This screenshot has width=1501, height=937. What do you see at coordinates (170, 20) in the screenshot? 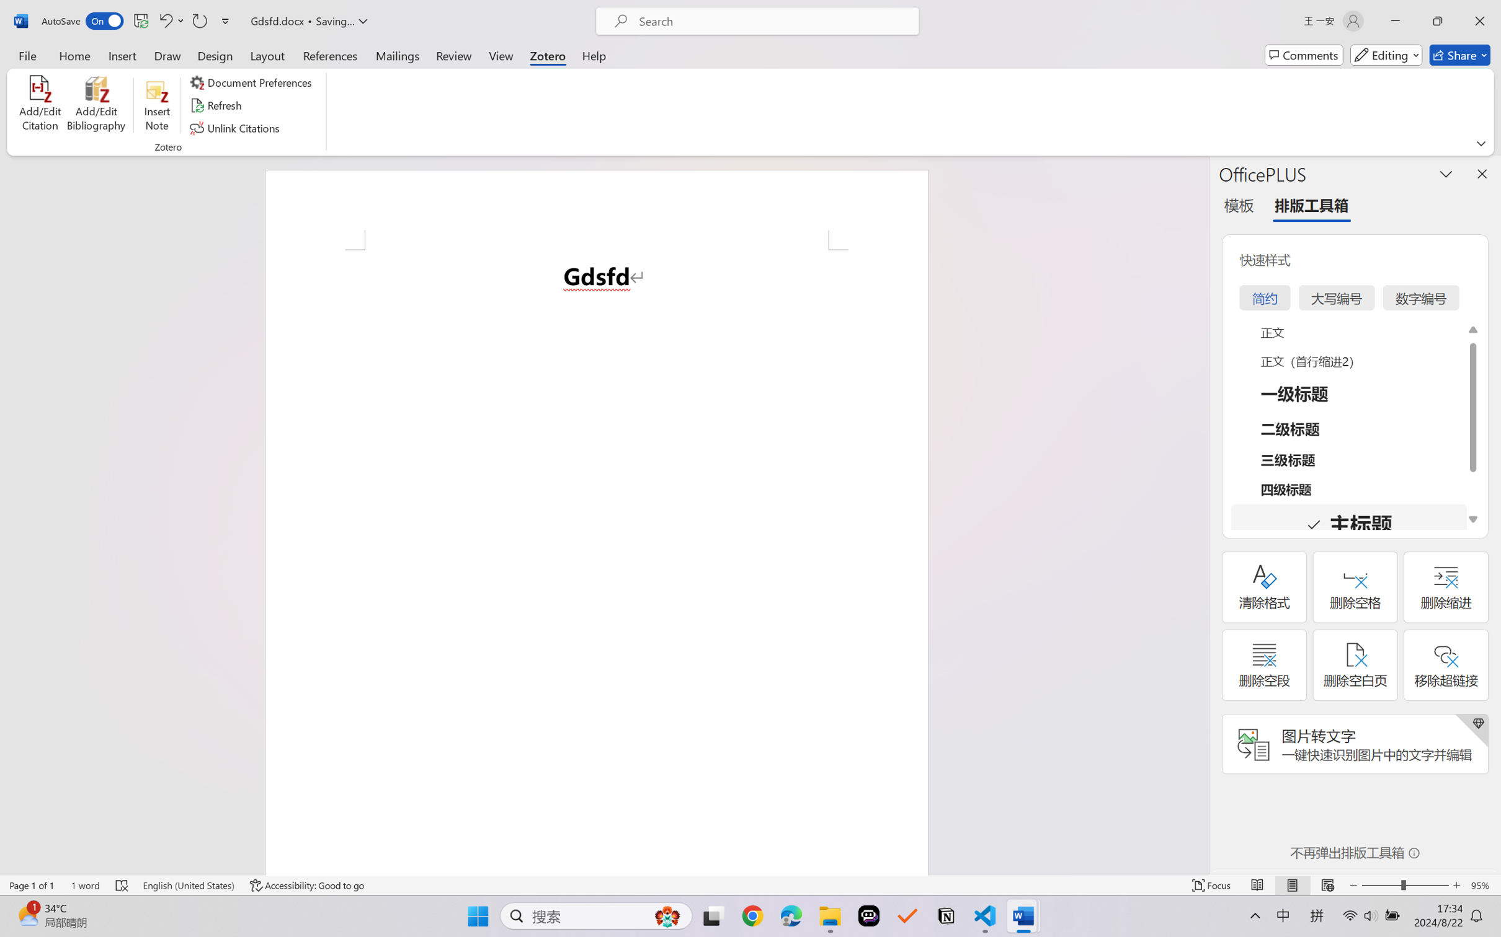
I see `'Undo <ApplyStyleToDoc>b__0'` at bounding box center [170, 20].